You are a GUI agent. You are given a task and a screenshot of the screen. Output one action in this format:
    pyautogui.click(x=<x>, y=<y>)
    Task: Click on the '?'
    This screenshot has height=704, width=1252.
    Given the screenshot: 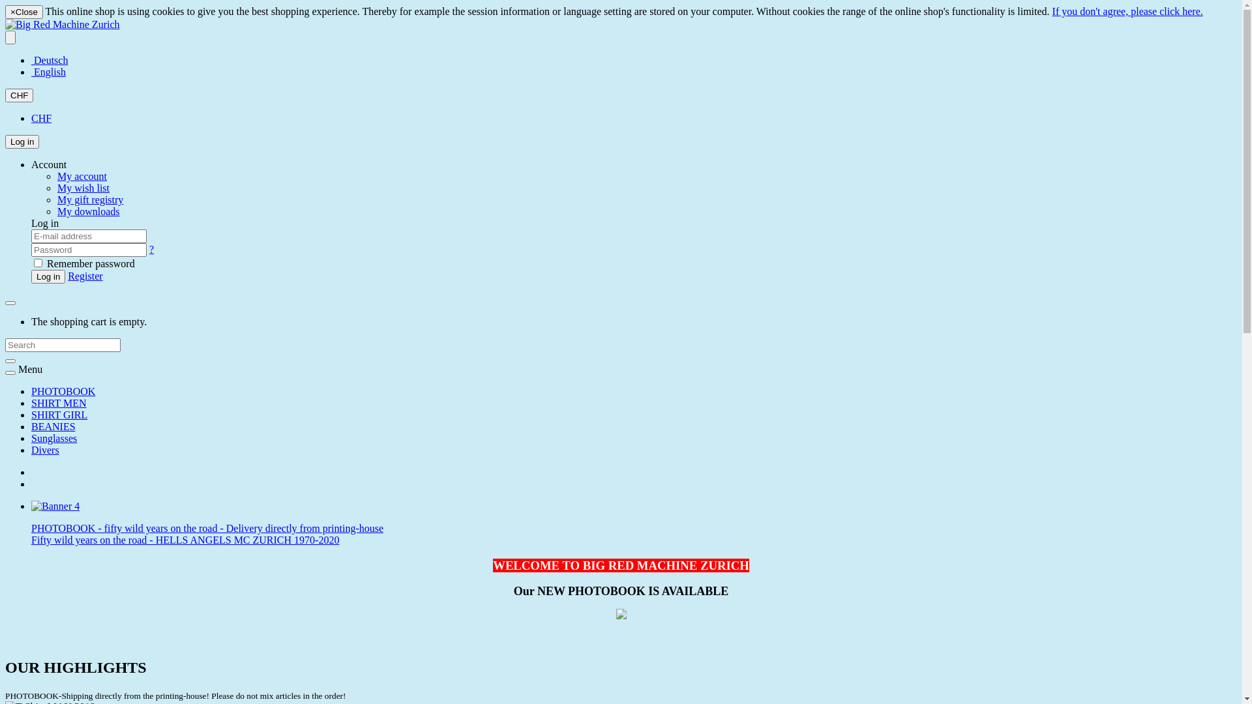 What is the action you would take?
    pyautogui.click(x=149, y=249)
    